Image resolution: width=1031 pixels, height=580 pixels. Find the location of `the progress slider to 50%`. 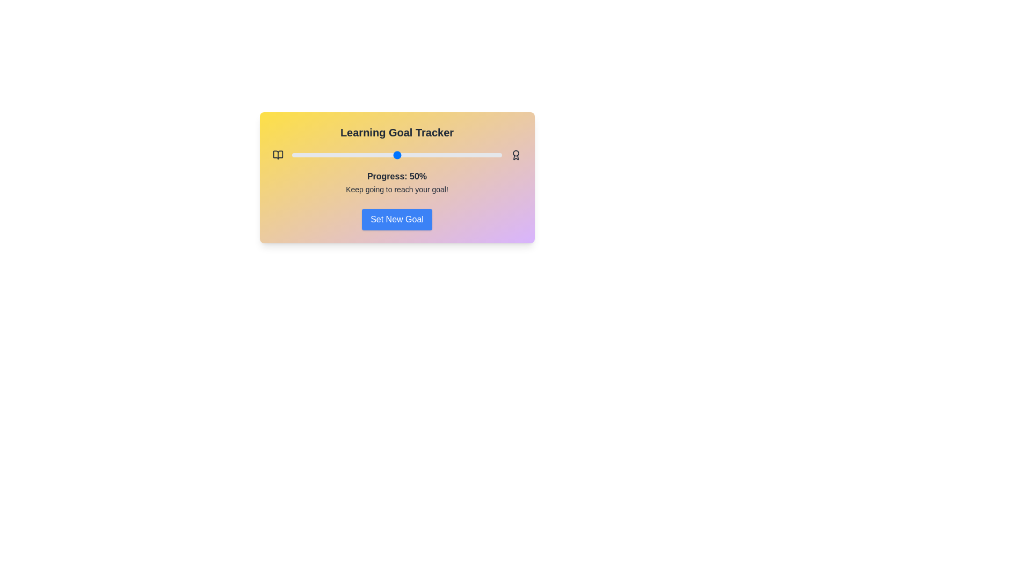

the progress slider to 50% is located at coordinates (396, 155).